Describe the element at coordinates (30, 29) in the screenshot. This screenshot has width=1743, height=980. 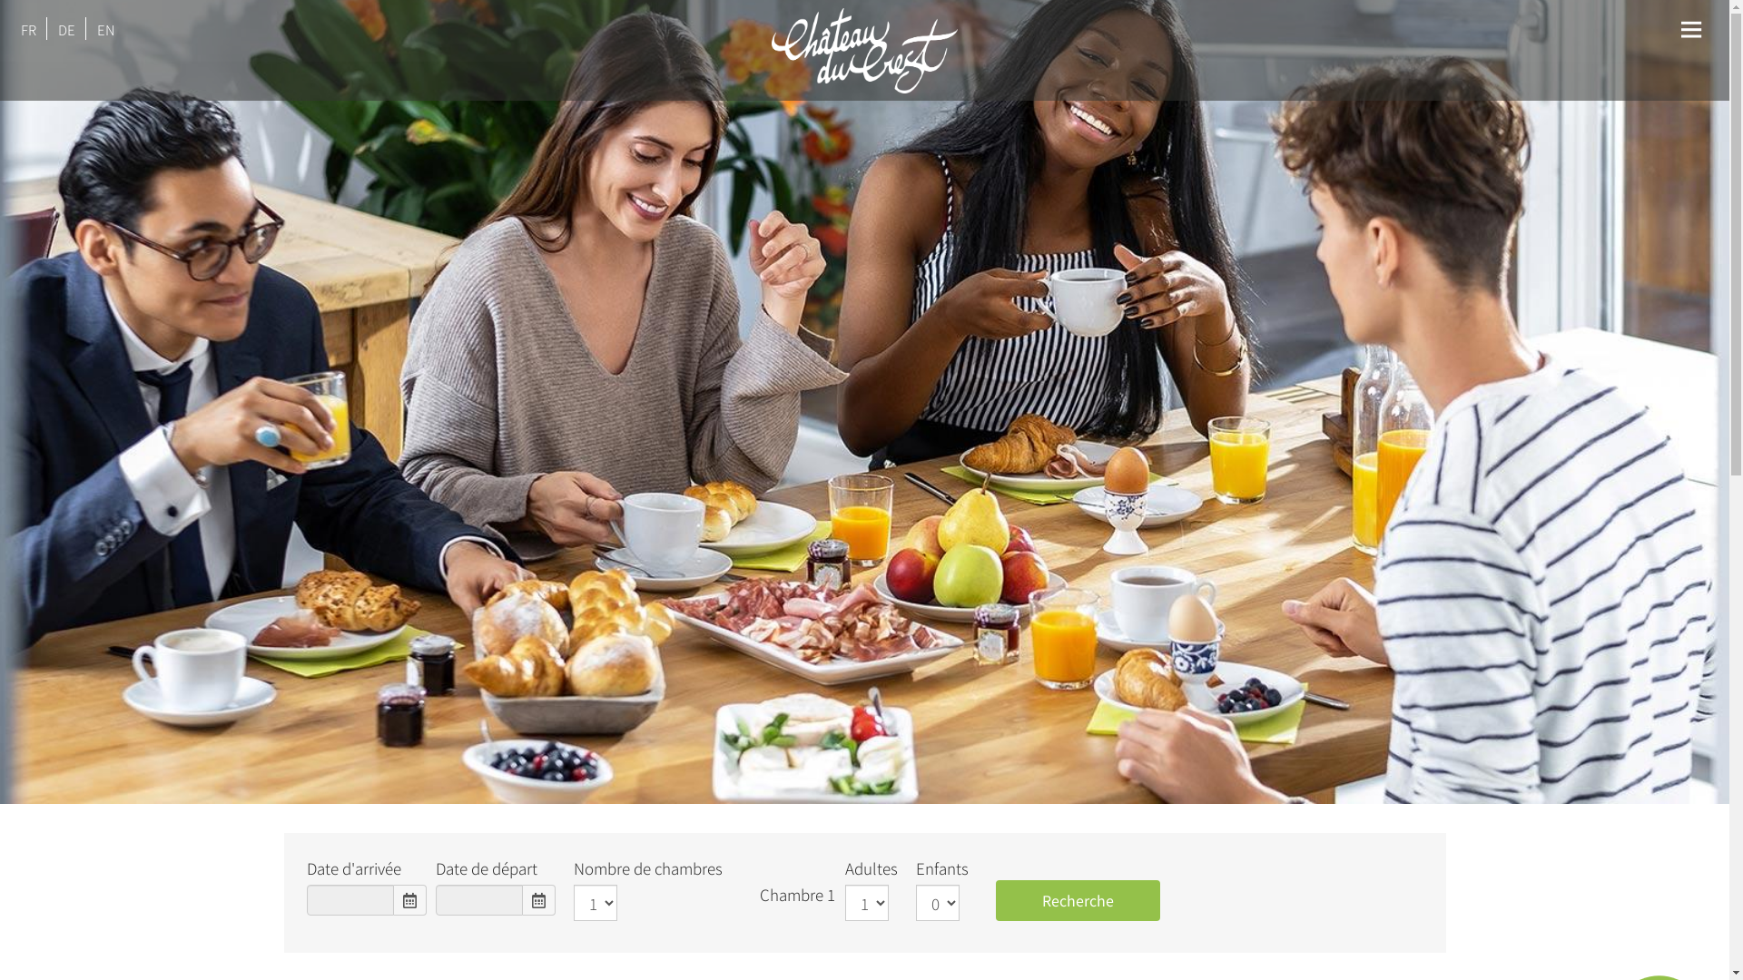
I see `'FR'` at that location.